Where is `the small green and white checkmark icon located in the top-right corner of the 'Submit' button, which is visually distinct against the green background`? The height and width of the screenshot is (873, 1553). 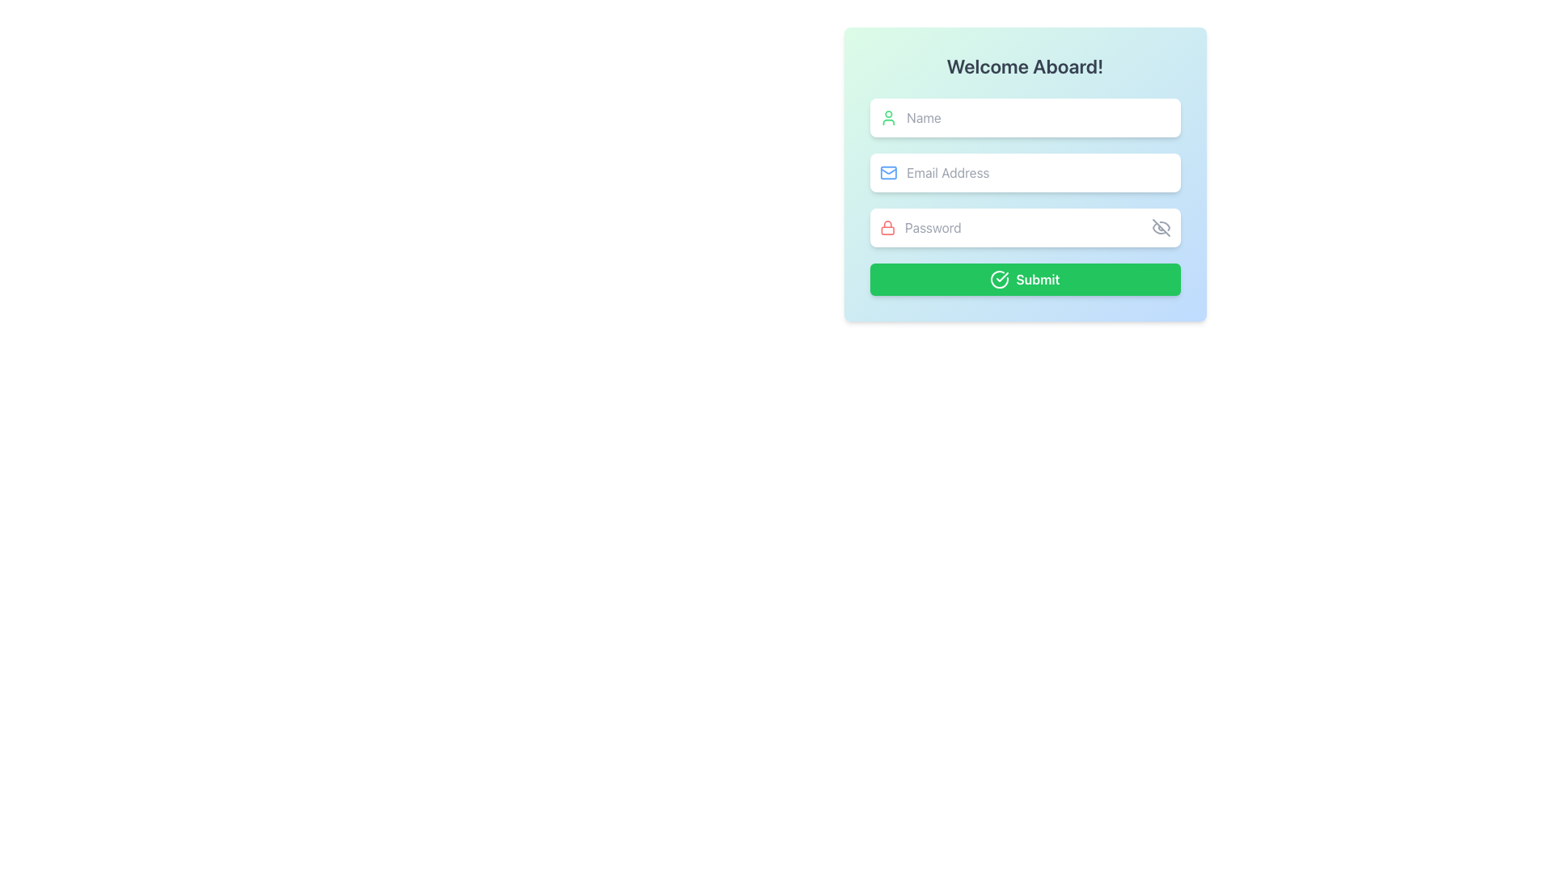
the small green and white checkmark icon located in the top-right corner of the 'Submit' button, which is visually distinct against the green background is located at coordinates (1001, 276).